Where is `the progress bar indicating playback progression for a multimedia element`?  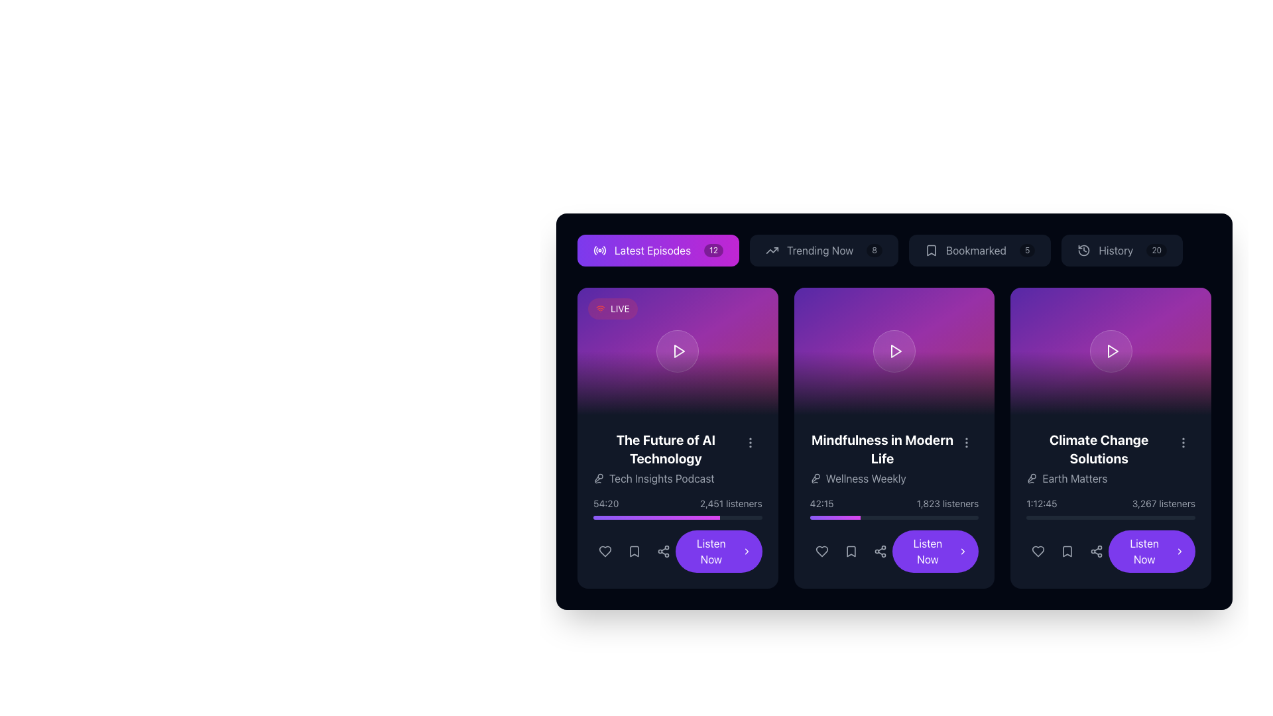 the progress bar indicating playback progression for a multimedia element is located at coordinates (1111, 516).